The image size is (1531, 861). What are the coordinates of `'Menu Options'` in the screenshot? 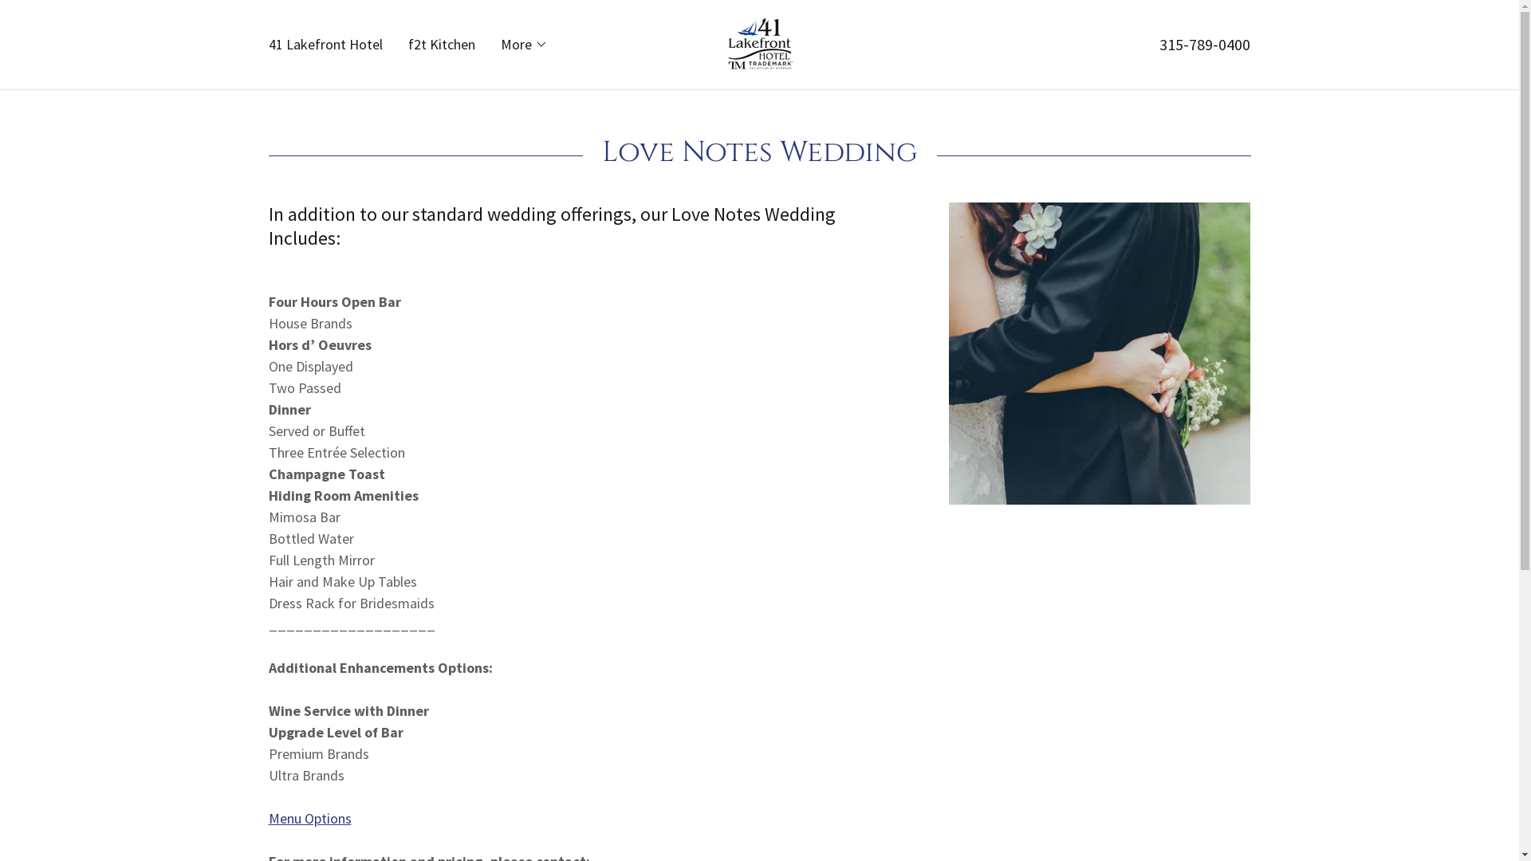 It's located at (268, 818).